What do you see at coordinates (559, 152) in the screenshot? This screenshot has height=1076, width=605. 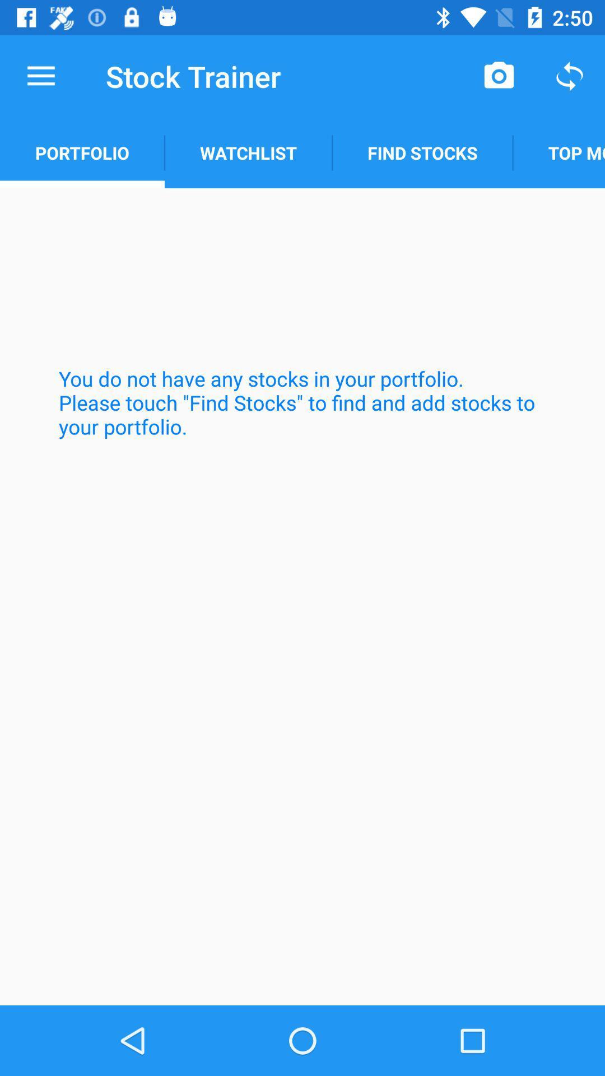 I see `the app next to the find stocks` at bounding box center [559, 152].